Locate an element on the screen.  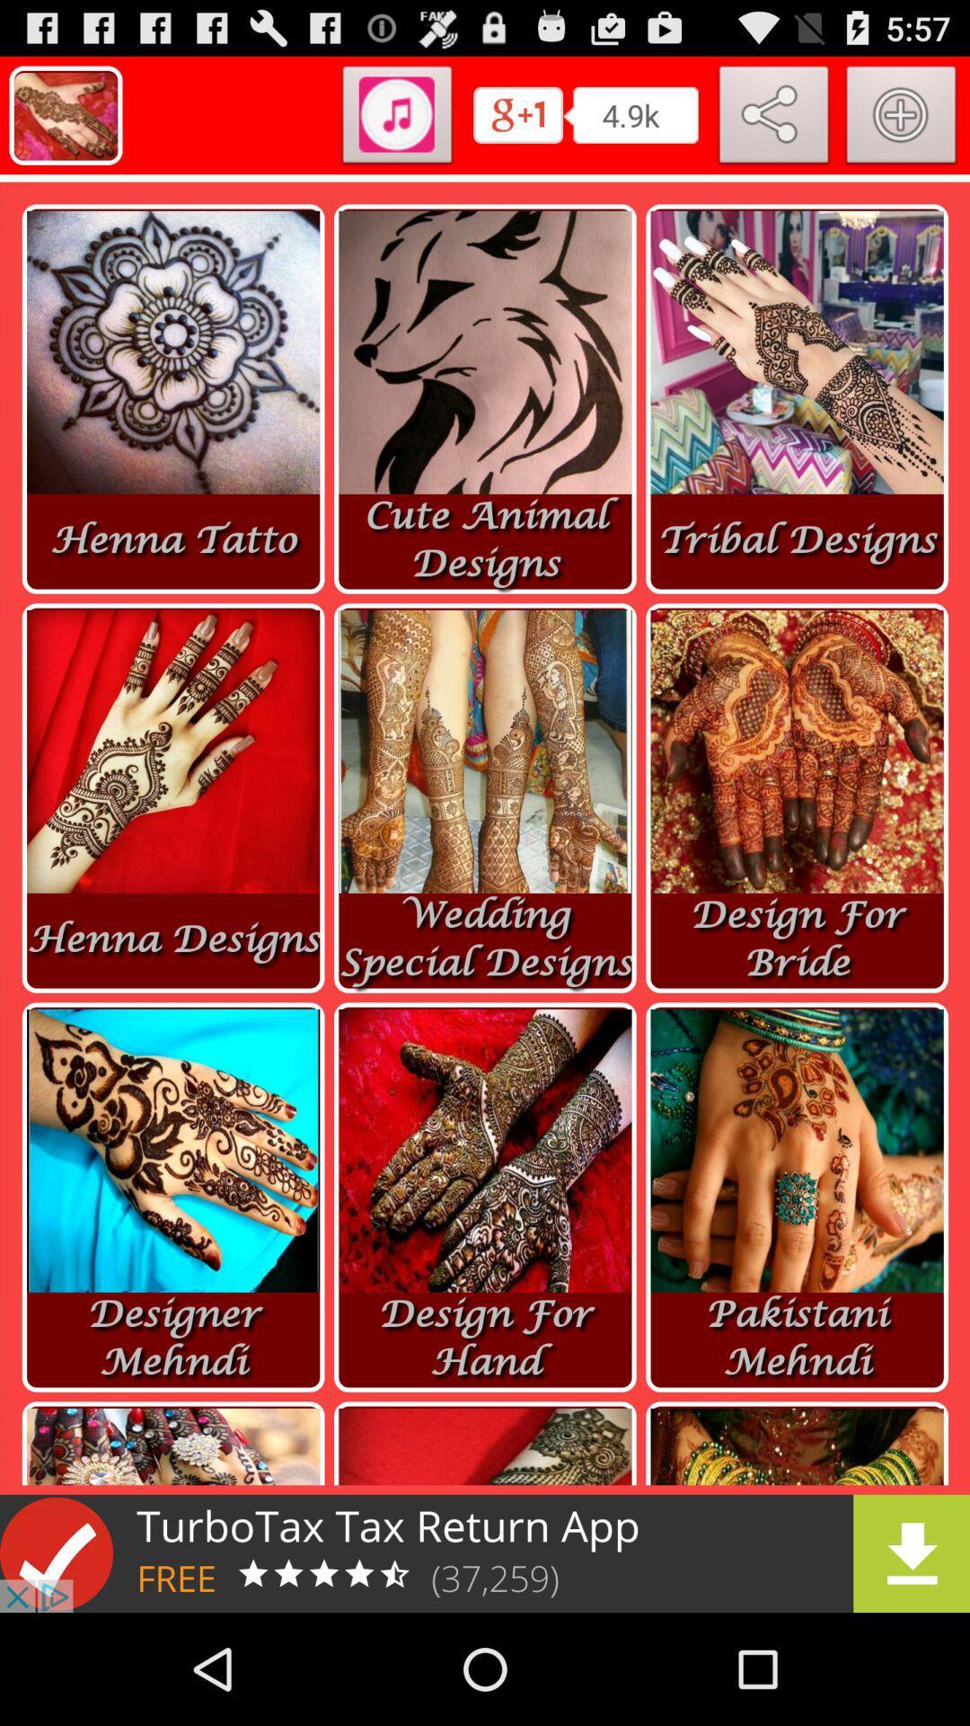
the share icon is located at coordinates (773, 126).